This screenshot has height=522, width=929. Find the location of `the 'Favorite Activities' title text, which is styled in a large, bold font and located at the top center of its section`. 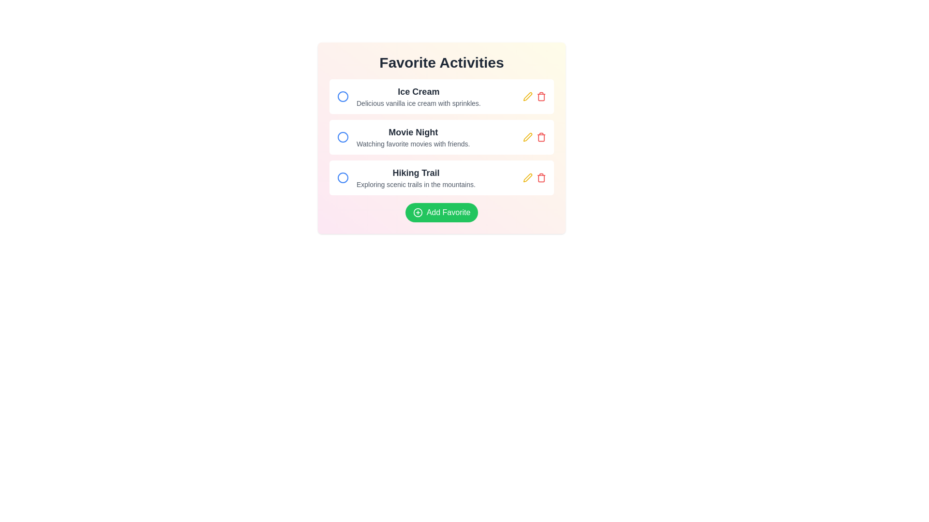

the 'Favorite Activities' title text, which is styled in a large, bold font and located at the top center of its section is located at coordinates (441, 63).